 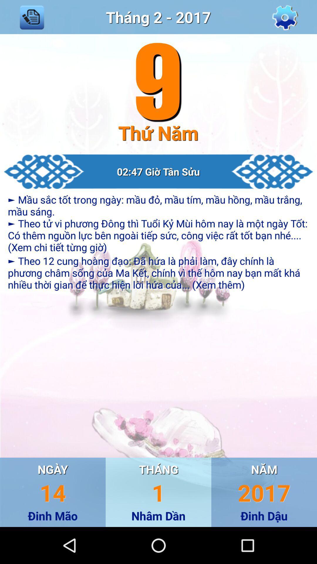 I want to click on three lines of text starting with text theo, so click(x=158, y=272).